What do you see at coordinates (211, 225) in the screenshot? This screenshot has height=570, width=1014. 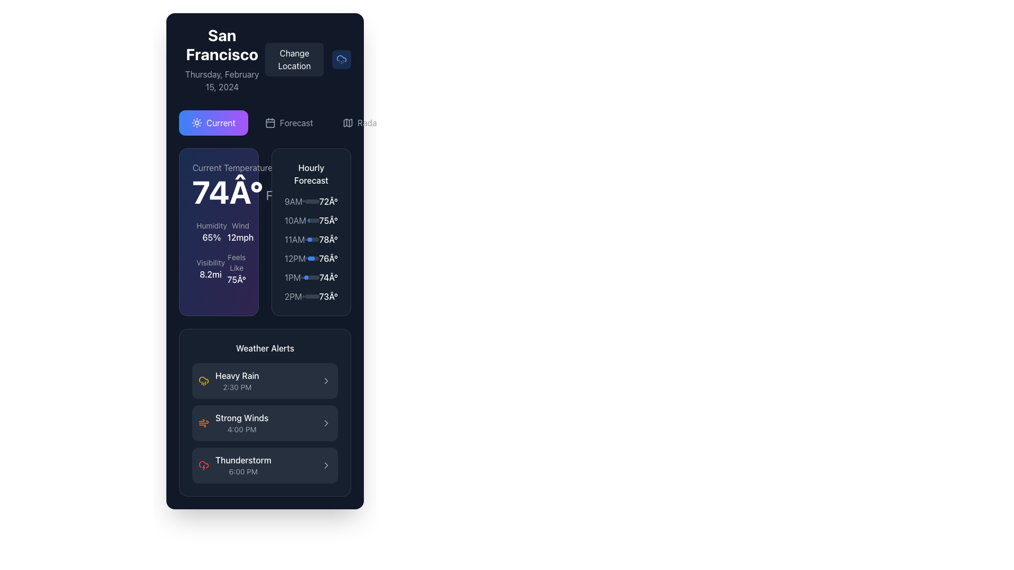 I see `the 'Humidity' label, which is a small grayish text label styled in sans-serif, located above the percentage value in the weather panel` at bounding box center [211, 225].